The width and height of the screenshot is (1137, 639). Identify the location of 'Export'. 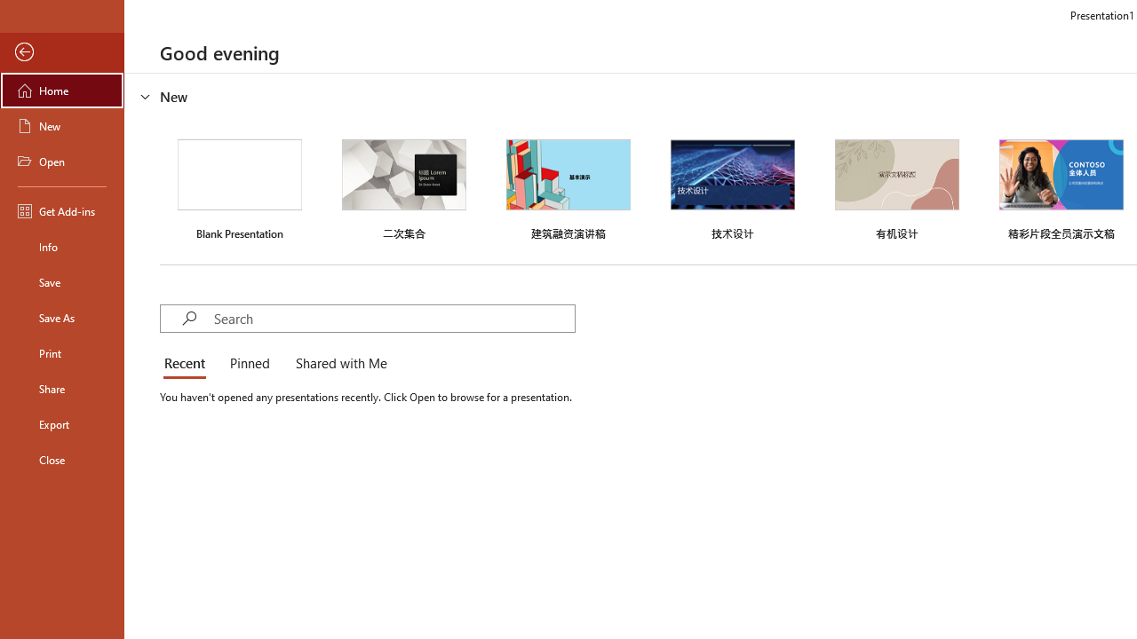
(61, 424).